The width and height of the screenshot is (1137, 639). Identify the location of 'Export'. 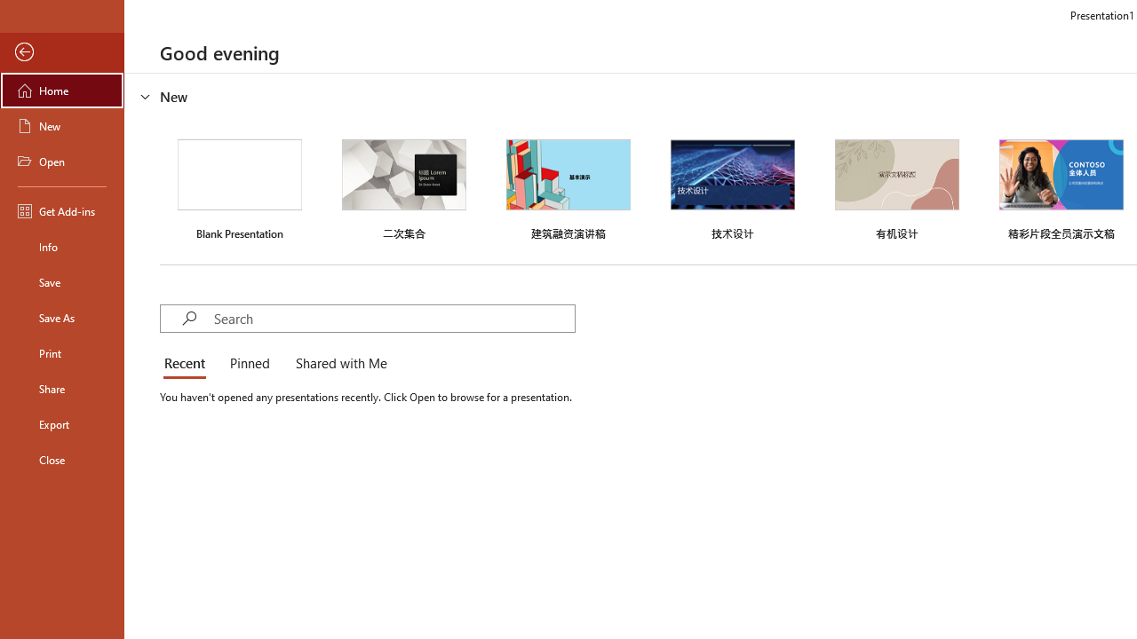
(61, 424).